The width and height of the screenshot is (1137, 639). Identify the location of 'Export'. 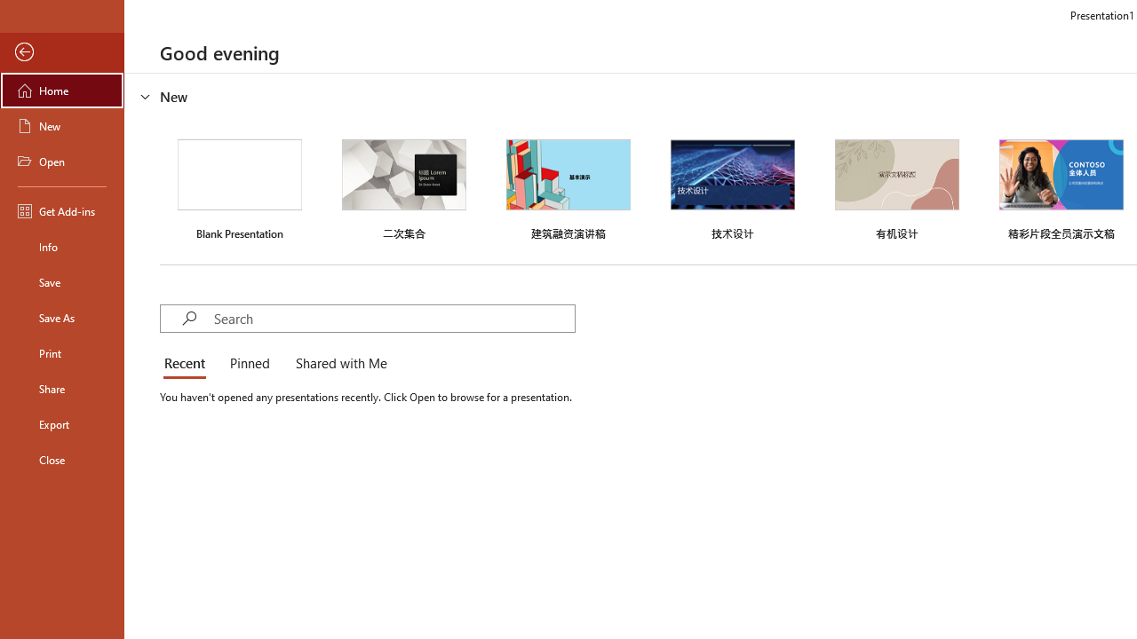
(61, 424).